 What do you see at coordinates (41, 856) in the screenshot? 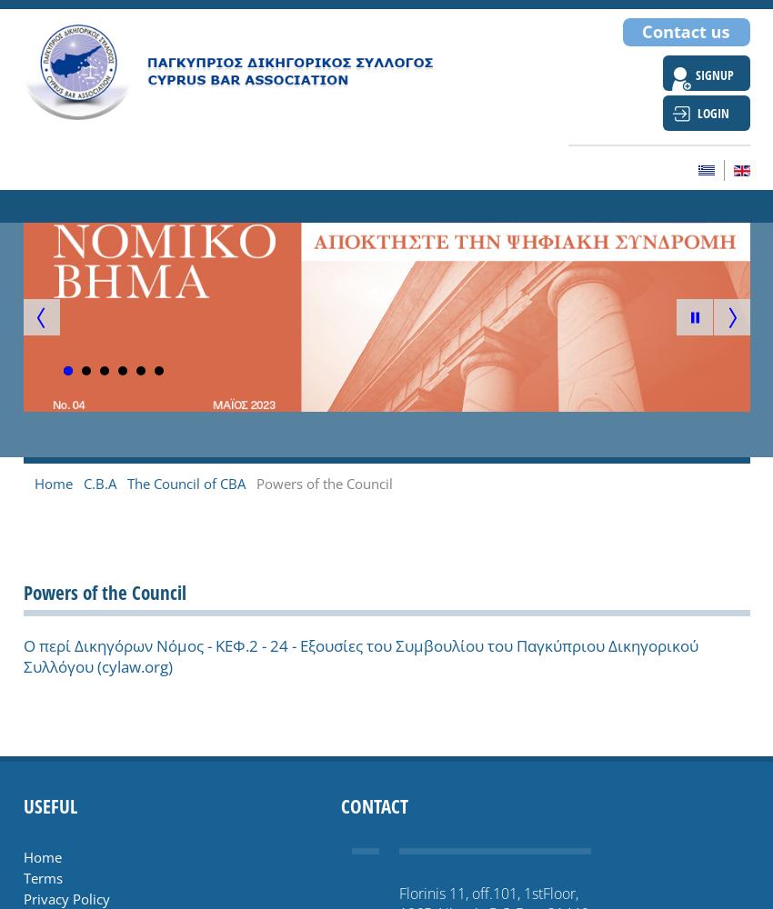
I see `'Home'` at bounding box center [41, 856].